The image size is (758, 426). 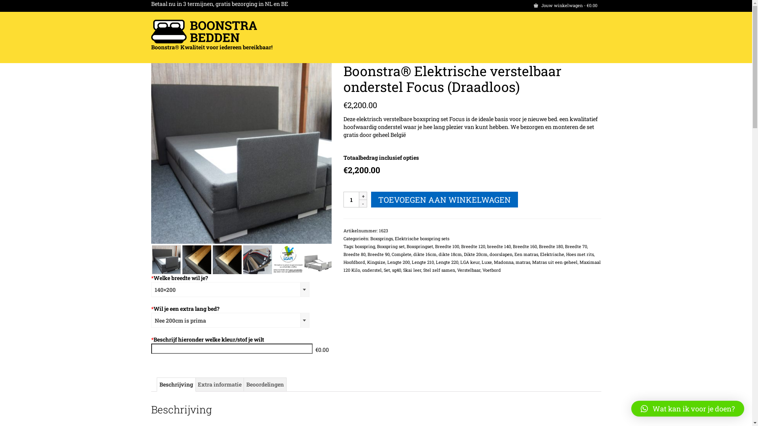 What do you see at coordinates (450, 254) in the screenshot?
I see `'dikte 18cm'` at bounding box center [450, 254].